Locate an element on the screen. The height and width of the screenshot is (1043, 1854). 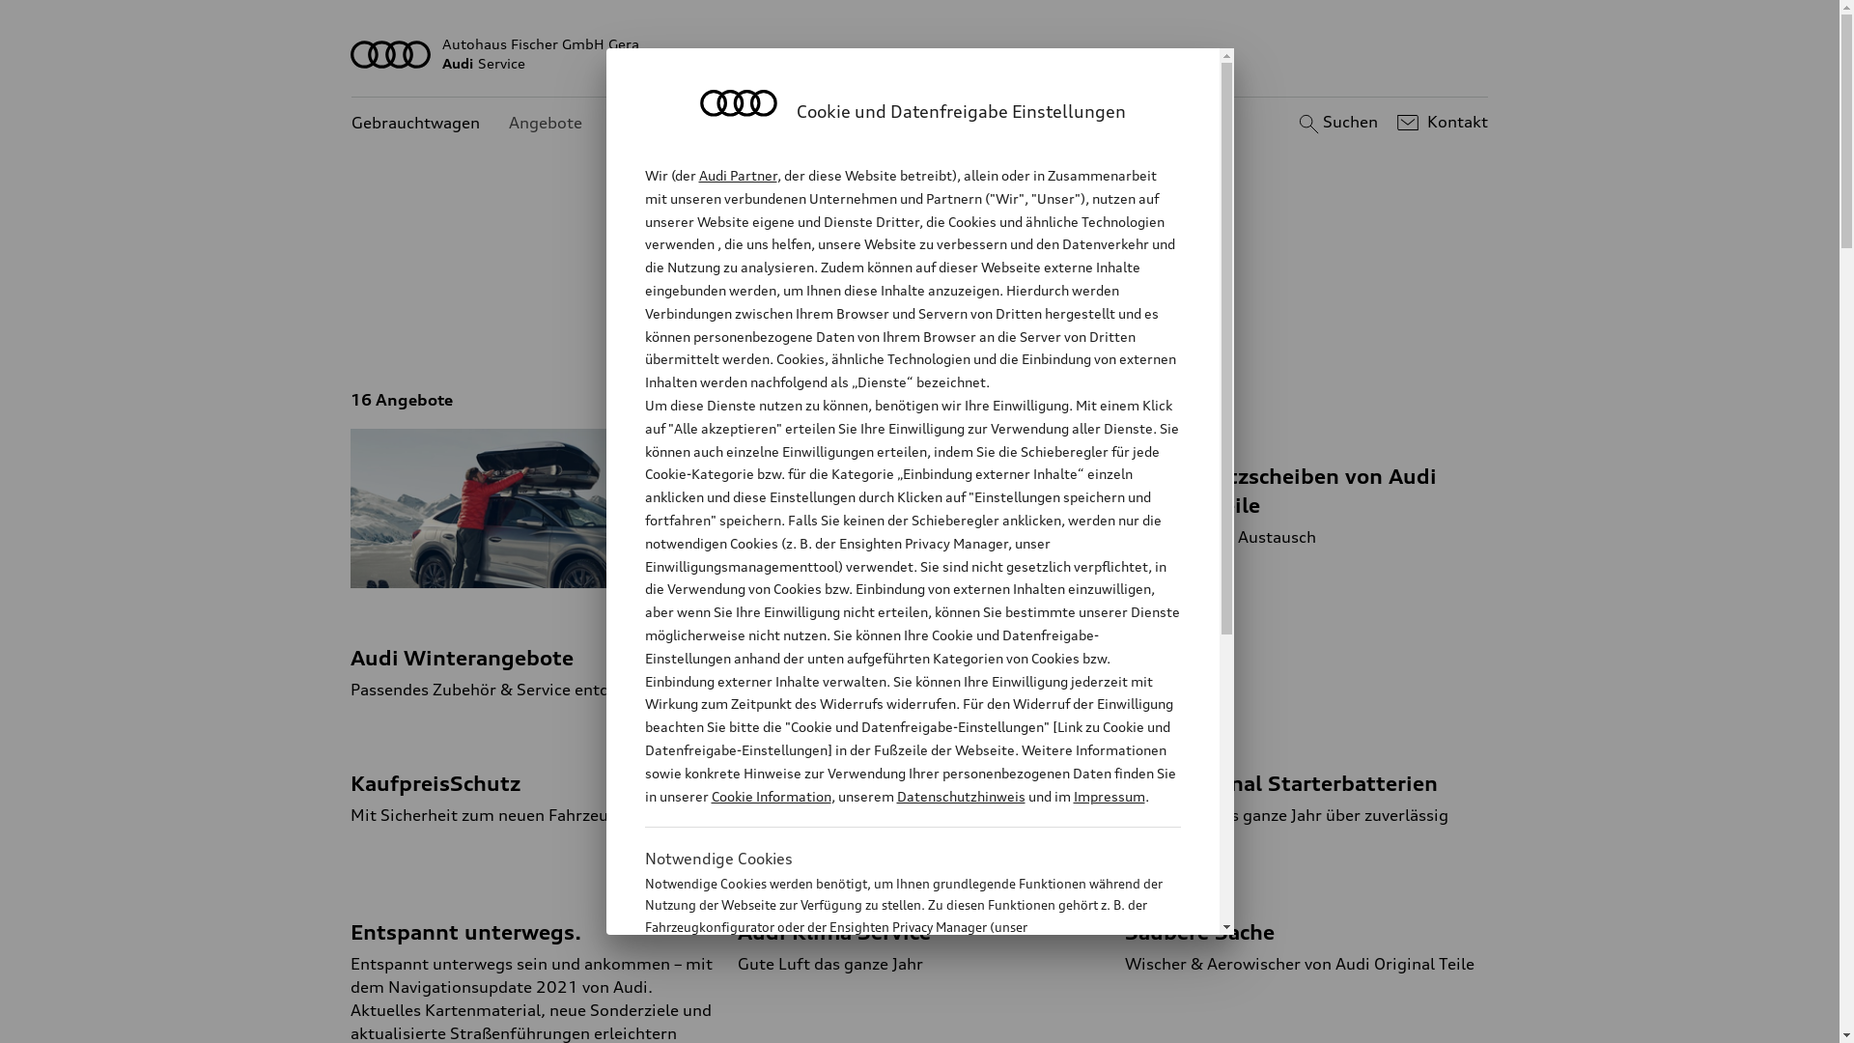
'KaufpreisSchutz is located at coordinates (532, 780).